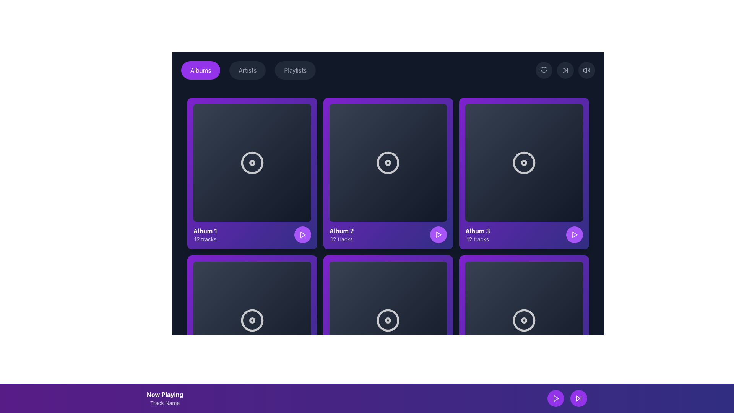  I want to click on the album card that represents an album, which is the second card in the first row of a grid layout, so click(388, 173).